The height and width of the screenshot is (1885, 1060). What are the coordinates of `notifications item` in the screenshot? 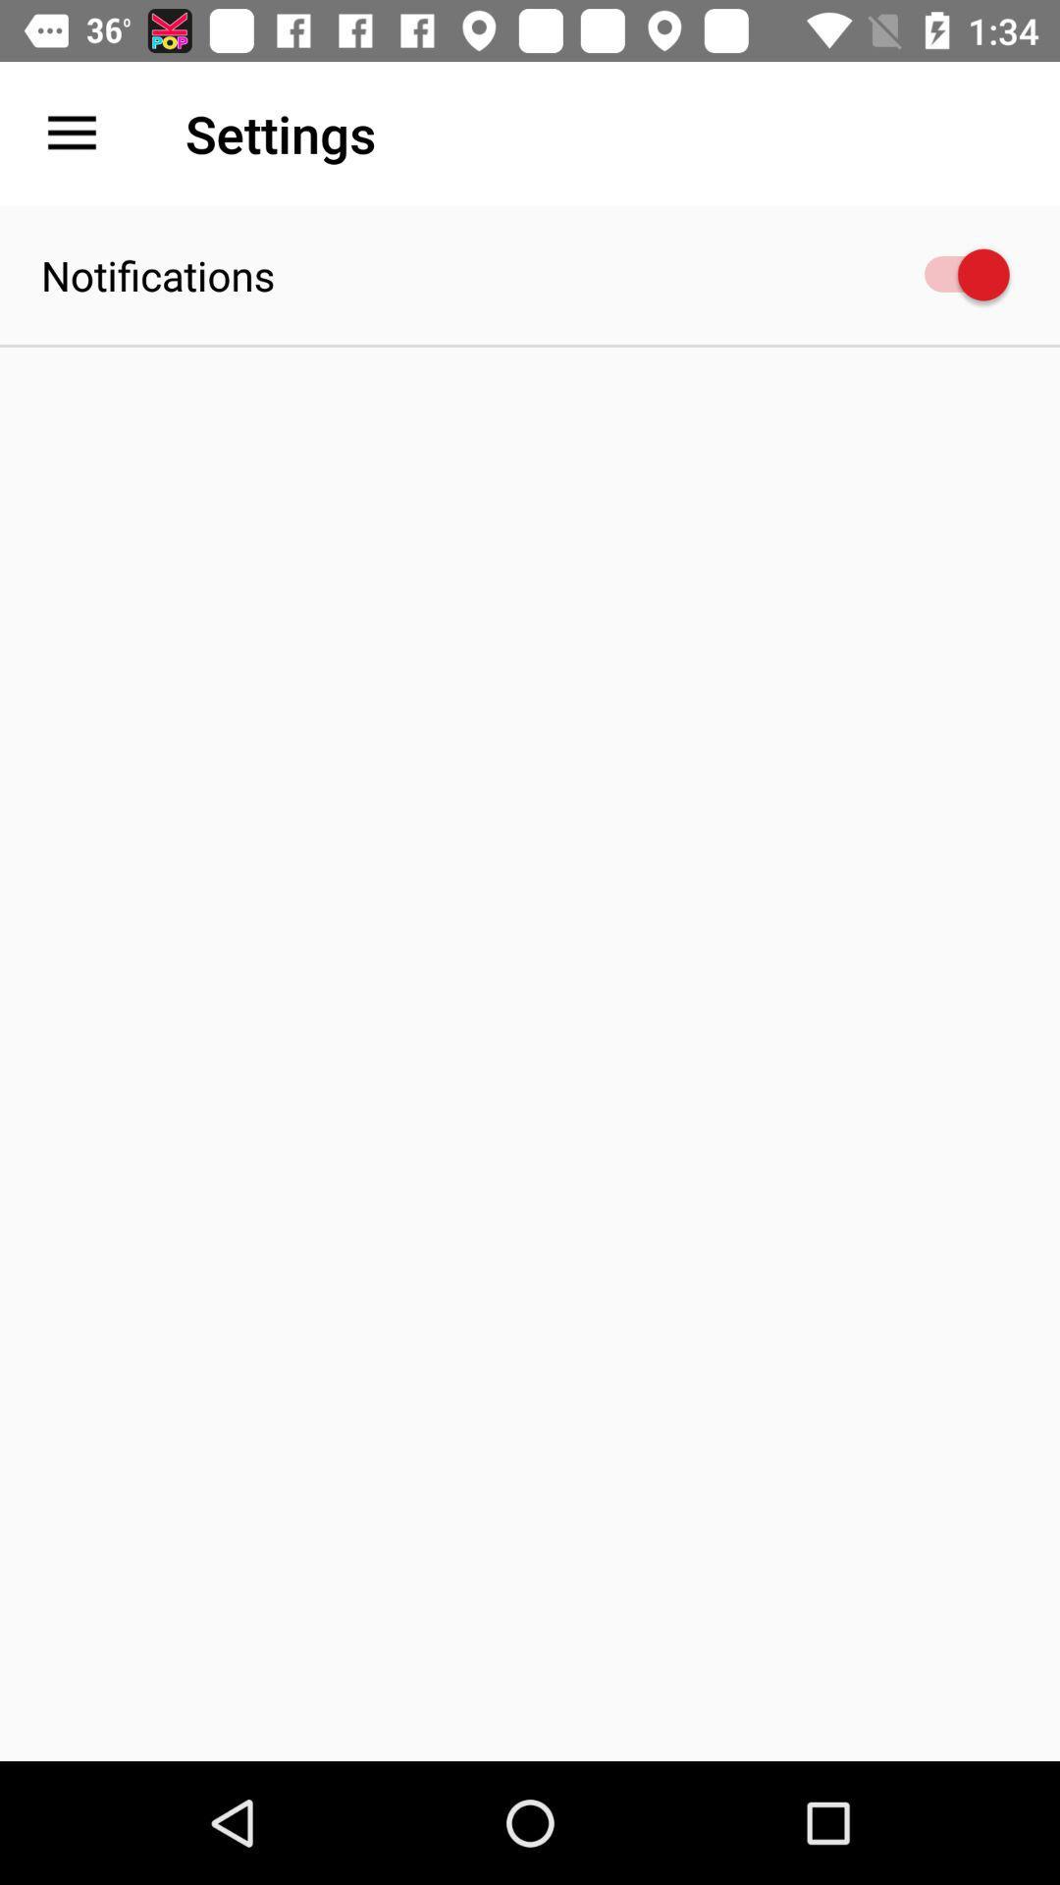 It's located at (157, 274).